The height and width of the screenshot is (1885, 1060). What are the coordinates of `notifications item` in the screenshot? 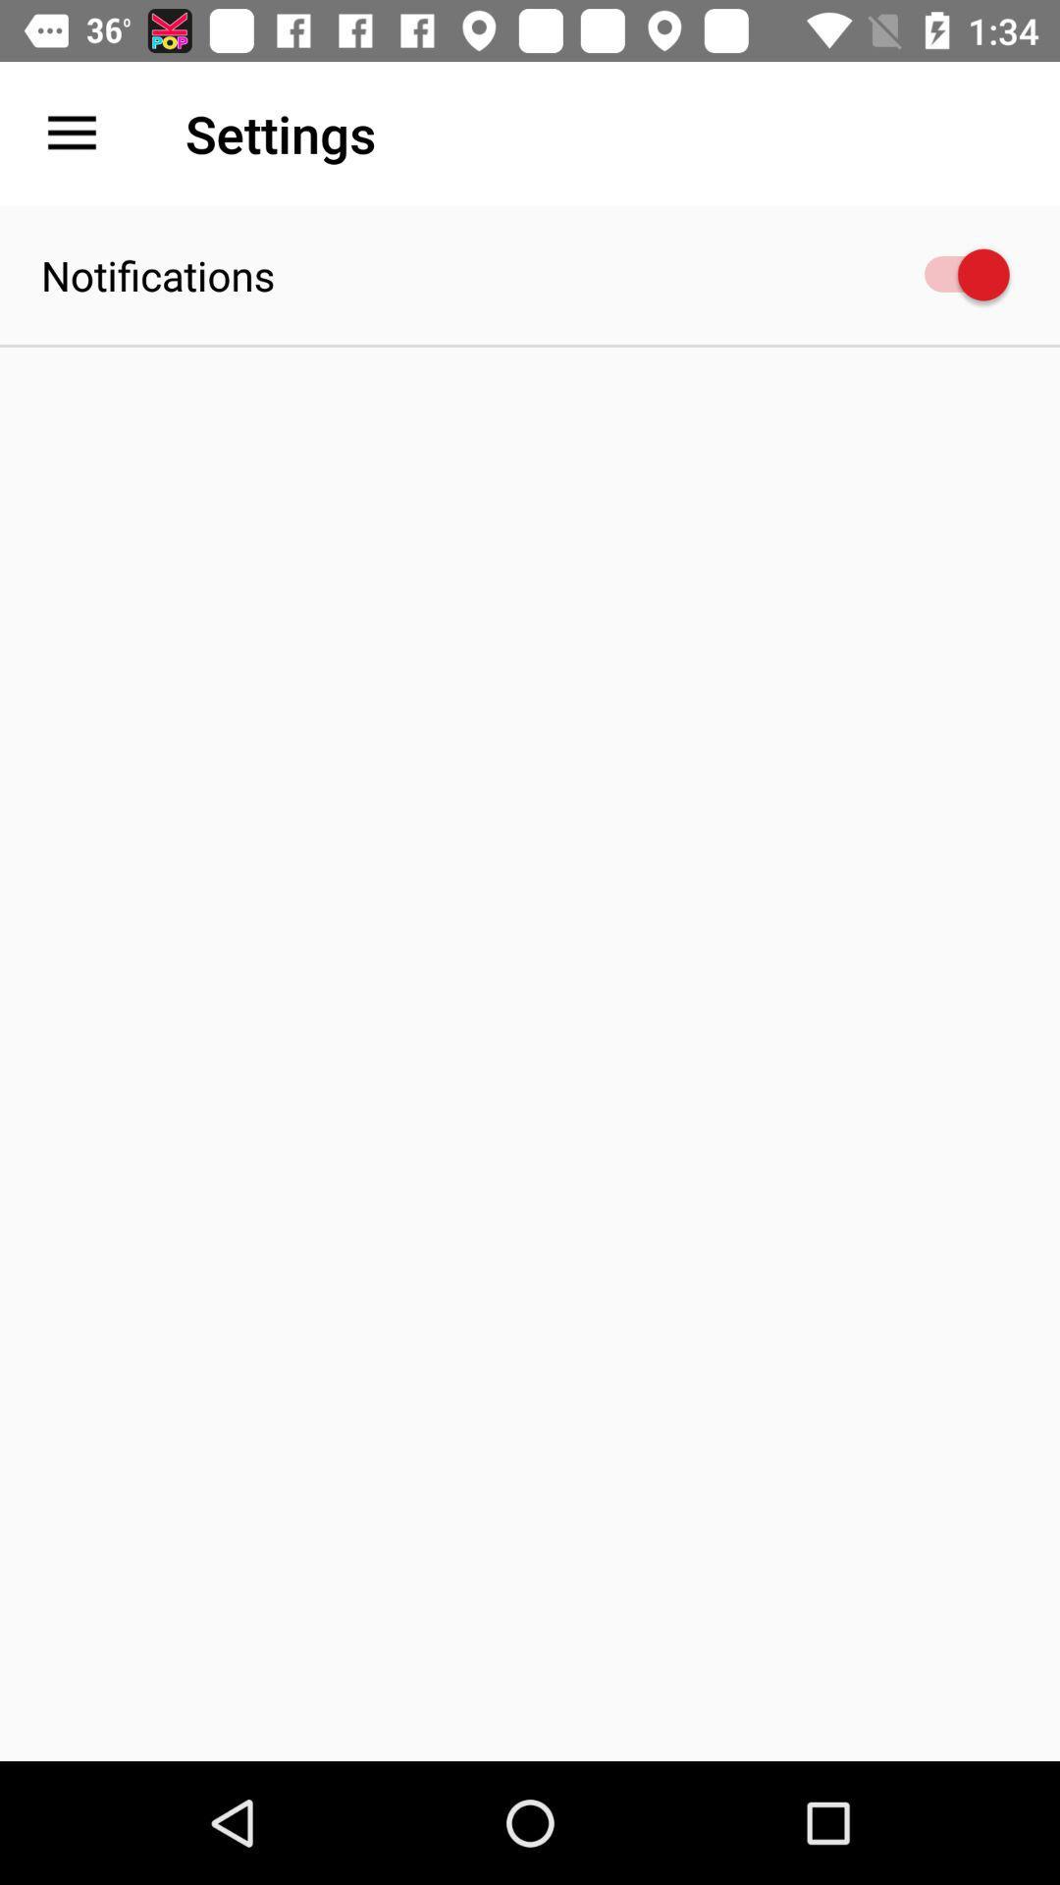 It's located at (157, 274).